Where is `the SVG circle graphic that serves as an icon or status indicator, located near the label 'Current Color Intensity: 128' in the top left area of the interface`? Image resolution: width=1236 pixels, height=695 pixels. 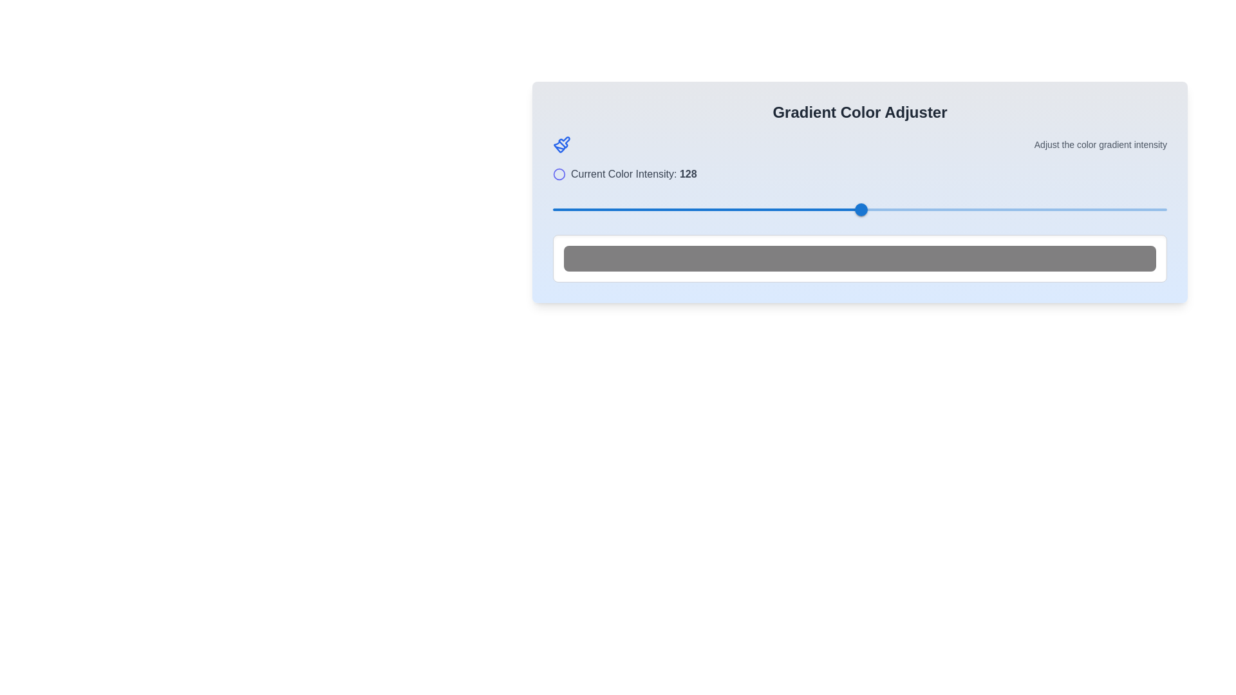
the SVG circle graphic that serves as an icon or status indicator, located near the label 'Current Color Intensity: 128' in the top left area of the interface is located at coordinates (559, 174).